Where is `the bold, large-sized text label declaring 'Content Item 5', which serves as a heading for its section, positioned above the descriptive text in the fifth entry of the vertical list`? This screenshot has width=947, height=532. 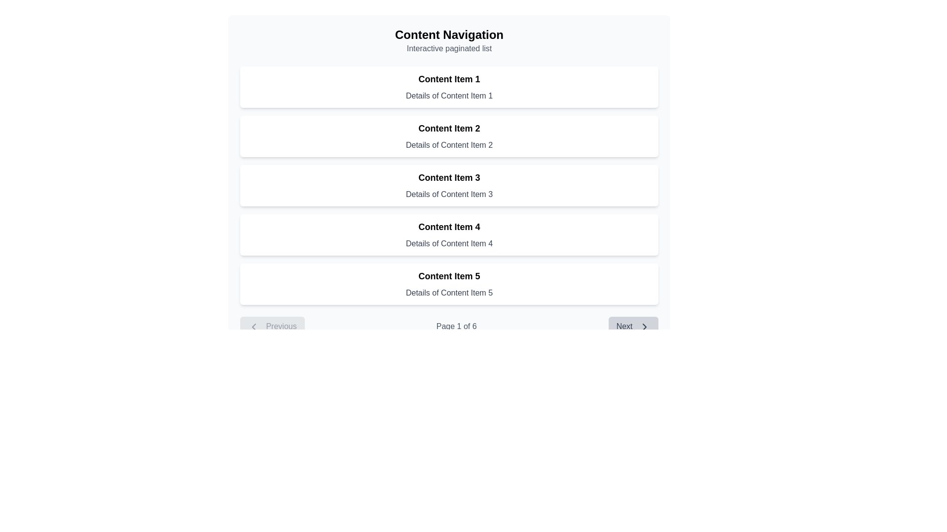 the bold, large-sized text label declaring 'Content Item 5', which serves as a heading for its section, positioned above the descriptive text in the fifth entry of the vertical list is located at coordinates (449, 276).